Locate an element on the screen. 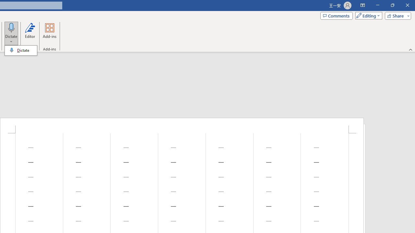 The image size is (415, 233). 'Comments' is located at coordinates (337, 15).